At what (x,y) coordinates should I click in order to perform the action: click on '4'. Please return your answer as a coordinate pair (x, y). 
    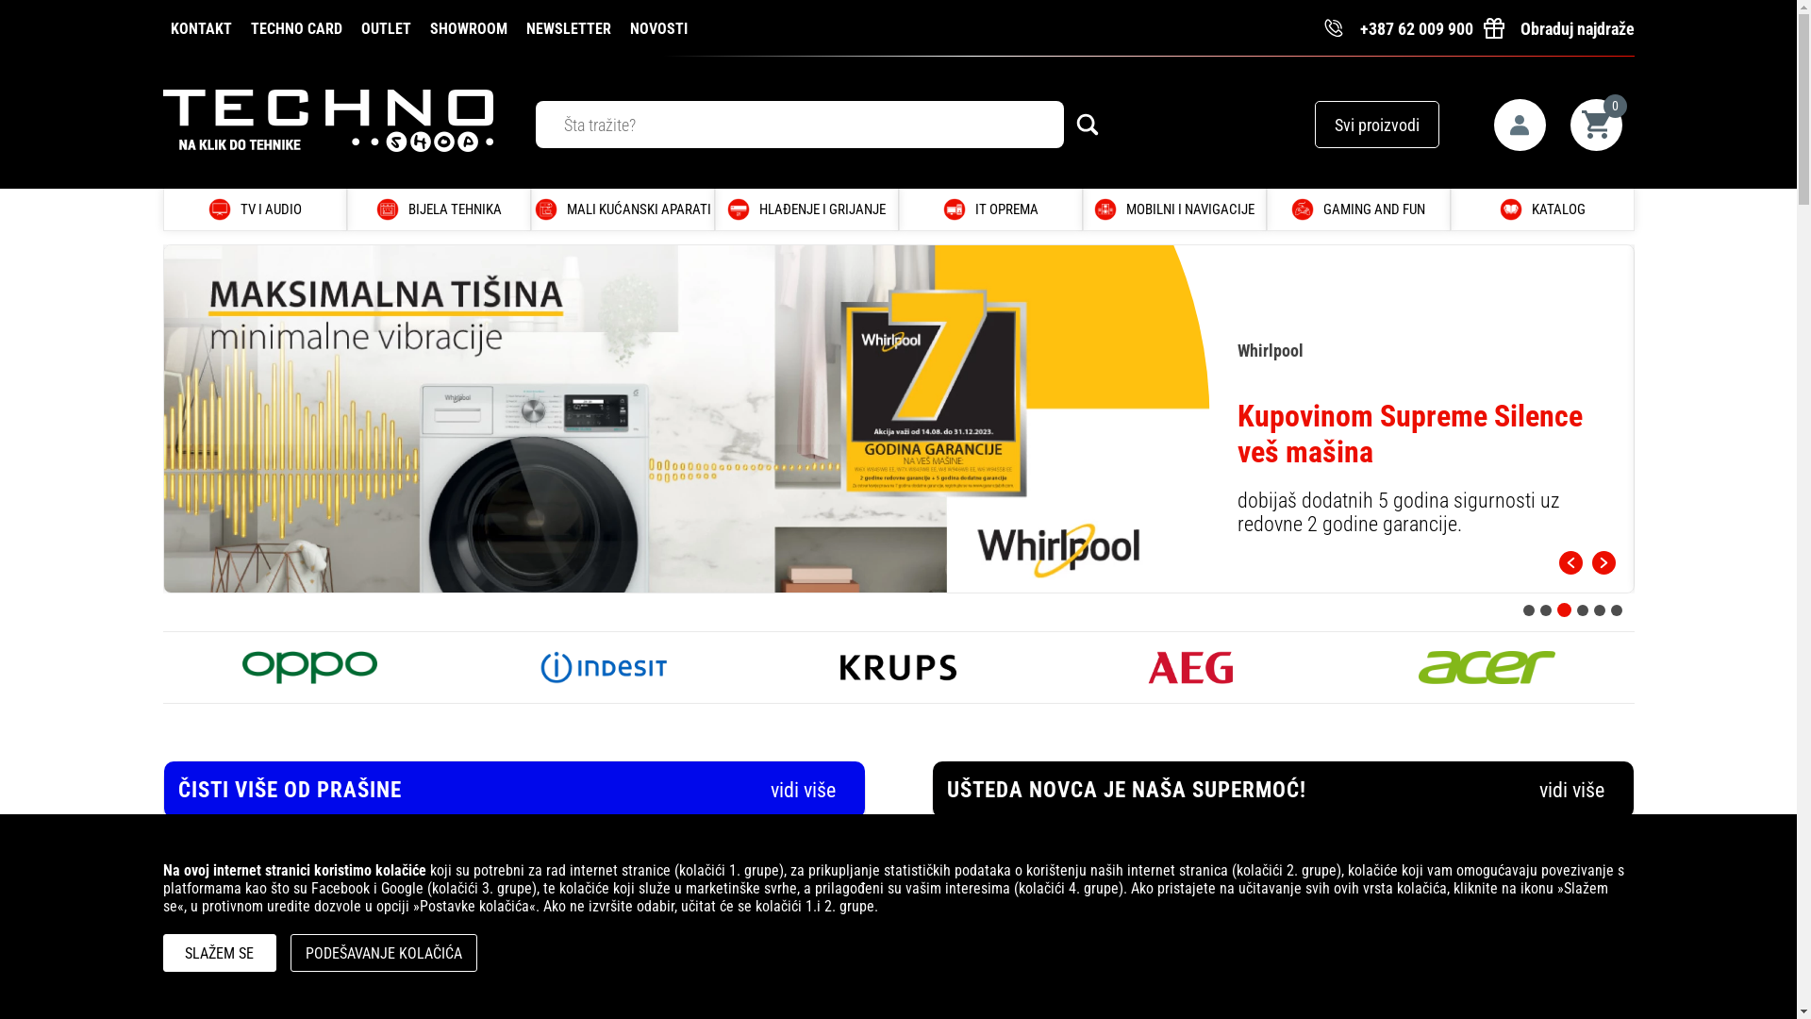
    Looking at the image, I should click on (1583, 609).